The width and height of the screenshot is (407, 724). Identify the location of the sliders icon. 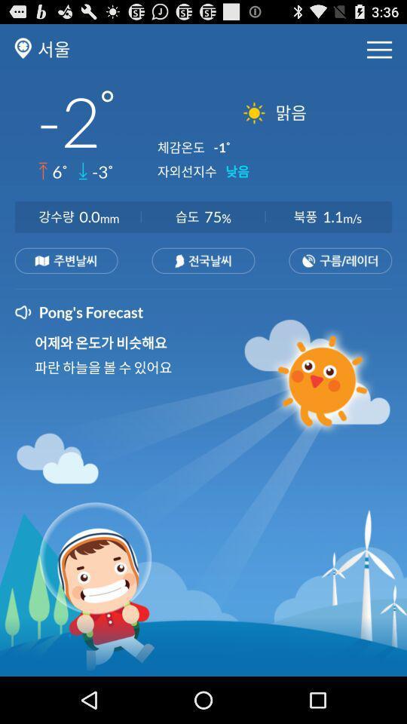
(66, 278).